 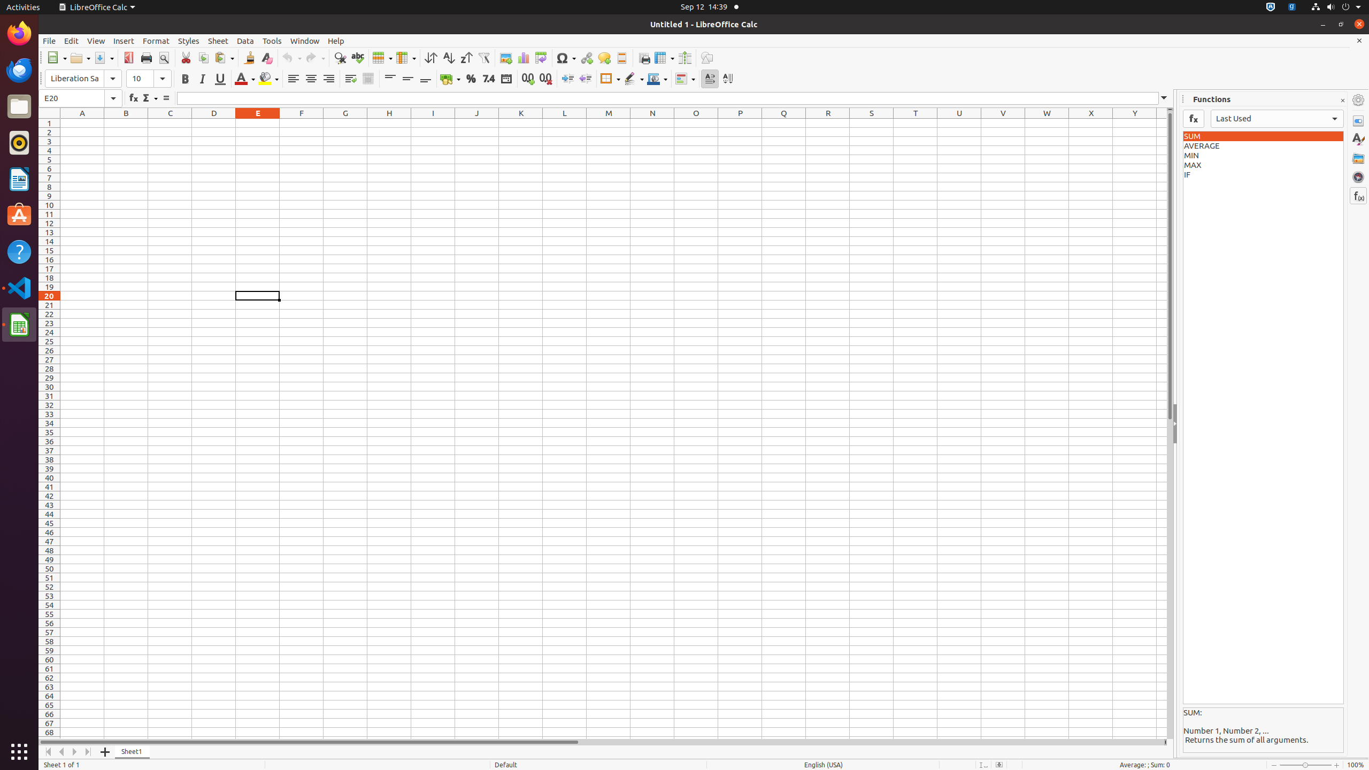 I want to click on 'O1', so click(x=696, y=122).